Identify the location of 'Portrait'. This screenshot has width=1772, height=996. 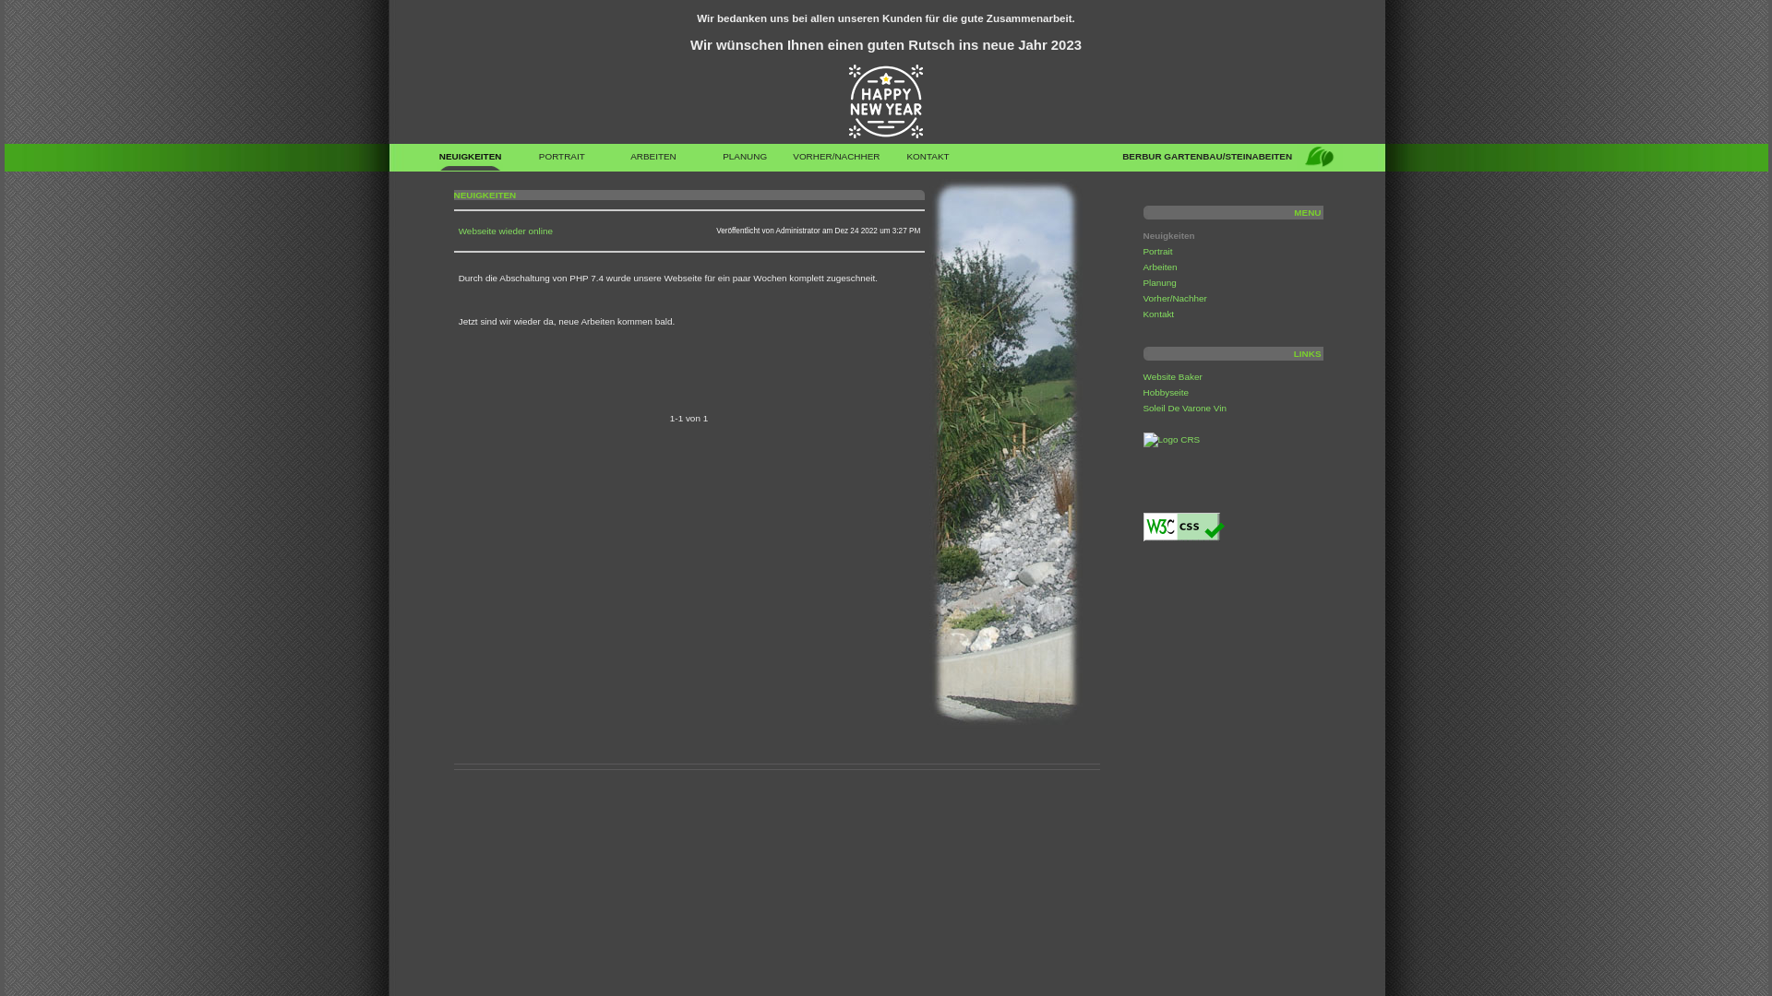
(1155, 251).